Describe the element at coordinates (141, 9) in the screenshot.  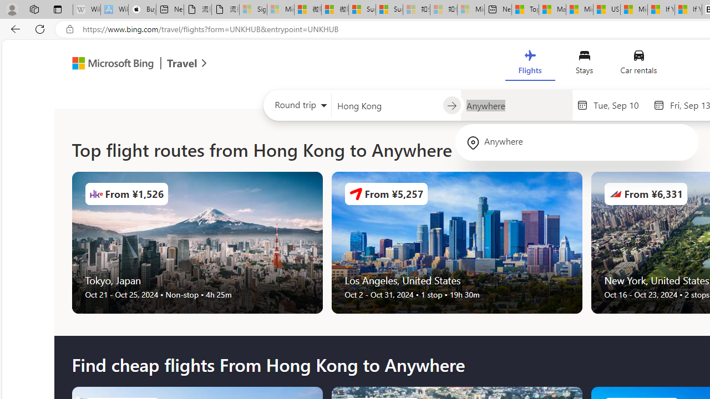
I see `'Buy iPad - Apple'` at that location.